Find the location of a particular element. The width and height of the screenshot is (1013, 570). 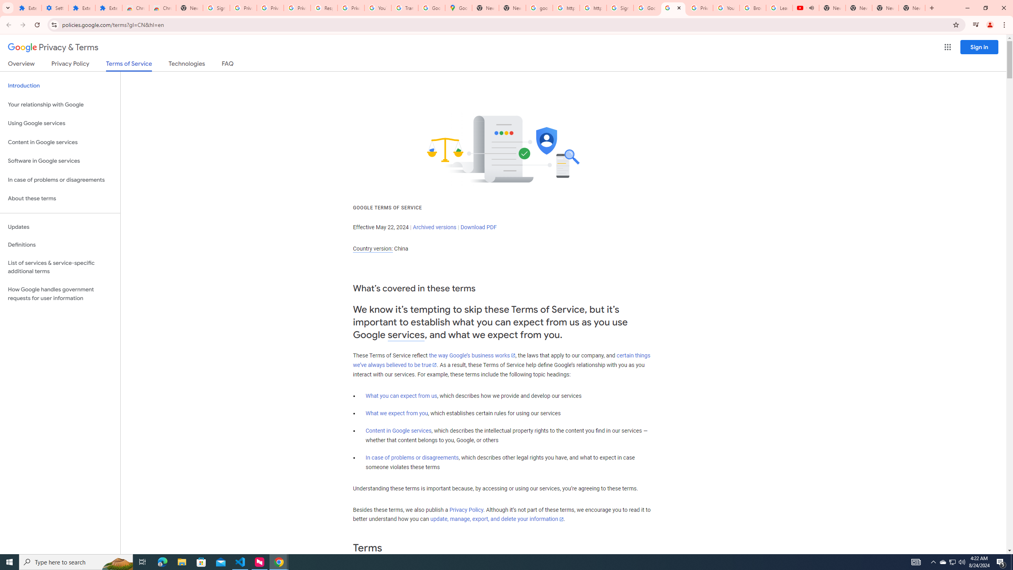

'Chrome Web Store' is located at coordinates (135, 8).